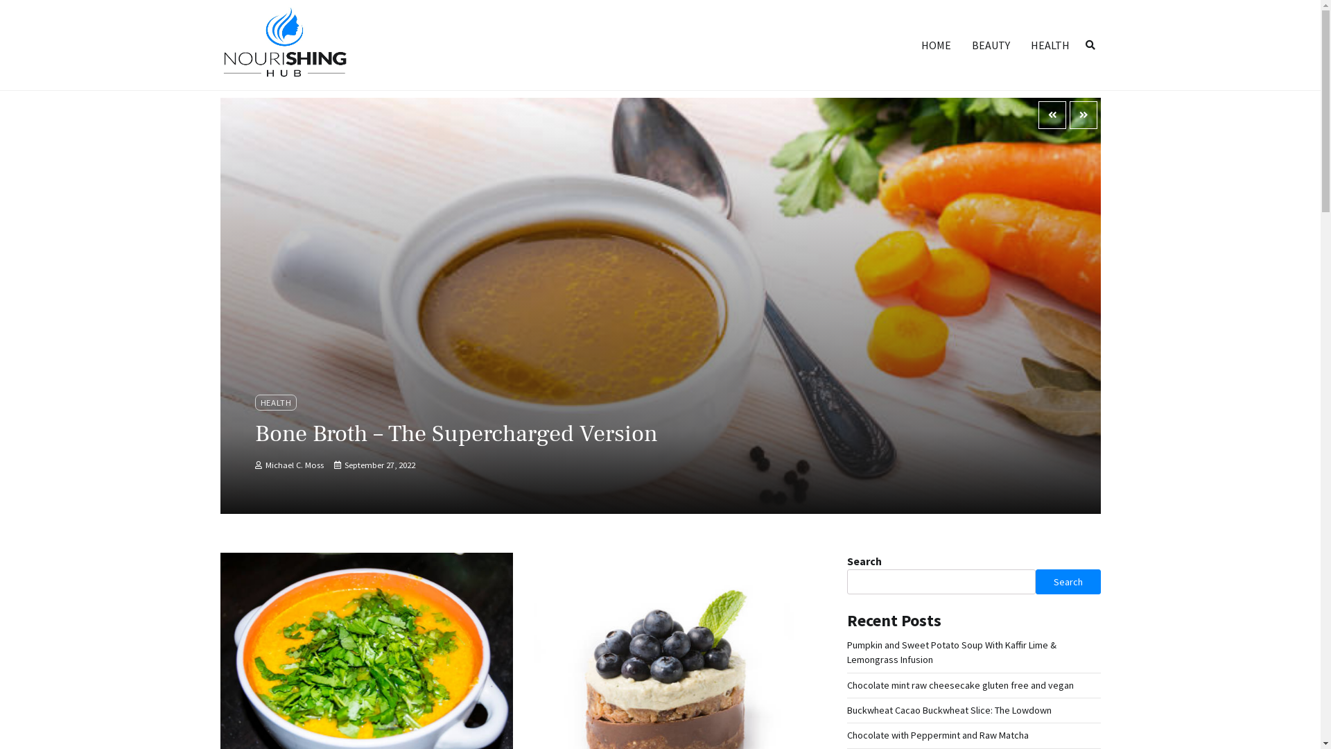 This screenshot has width=1331, height=749. What do you see at coordinates (959, 684) in the screenshot?
I see `'Chocolate mint raw cheesecake gluten free and vegan'` at bounding box center [959, 684].